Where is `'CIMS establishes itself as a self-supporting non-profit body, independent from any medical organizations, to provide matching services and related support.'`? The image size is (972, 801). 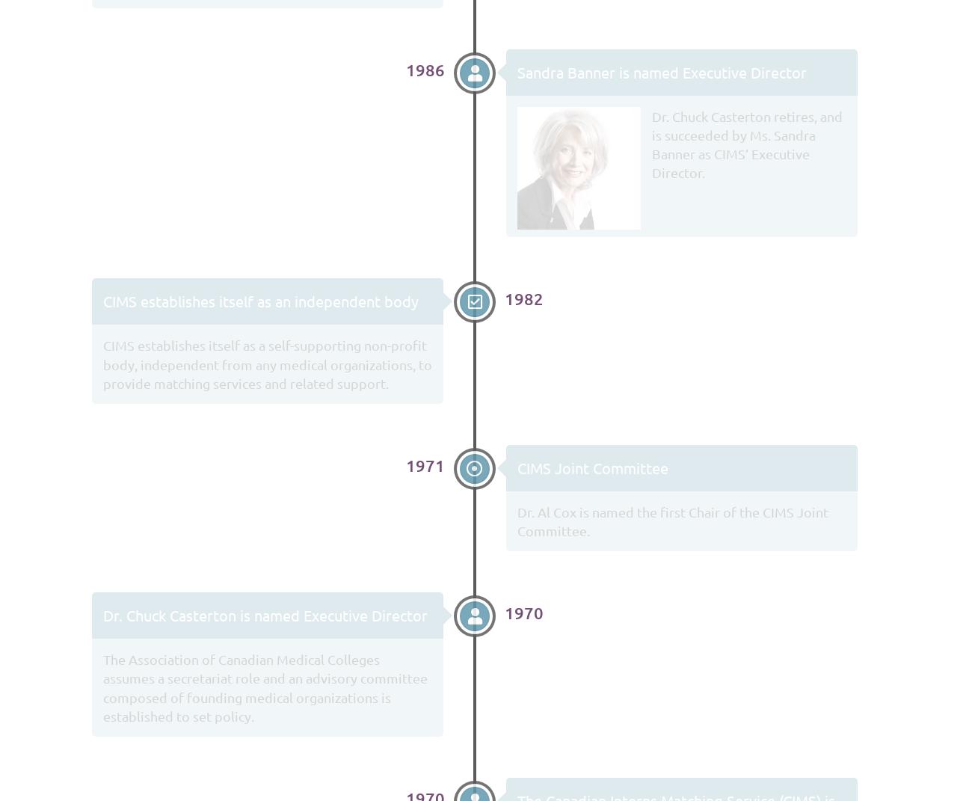 'CIMS establishes itself as a self-supporting non-profit body, independent from any medical organizations, to provide matching services and related support.' is located at coordinates (267, 363).